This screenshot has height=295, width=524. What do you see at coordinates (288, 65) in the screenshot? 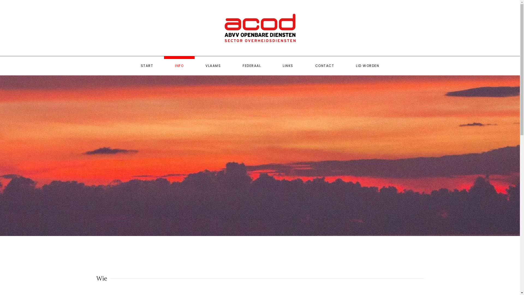
I see `'LINKS'` at bounding box center [288, 65].